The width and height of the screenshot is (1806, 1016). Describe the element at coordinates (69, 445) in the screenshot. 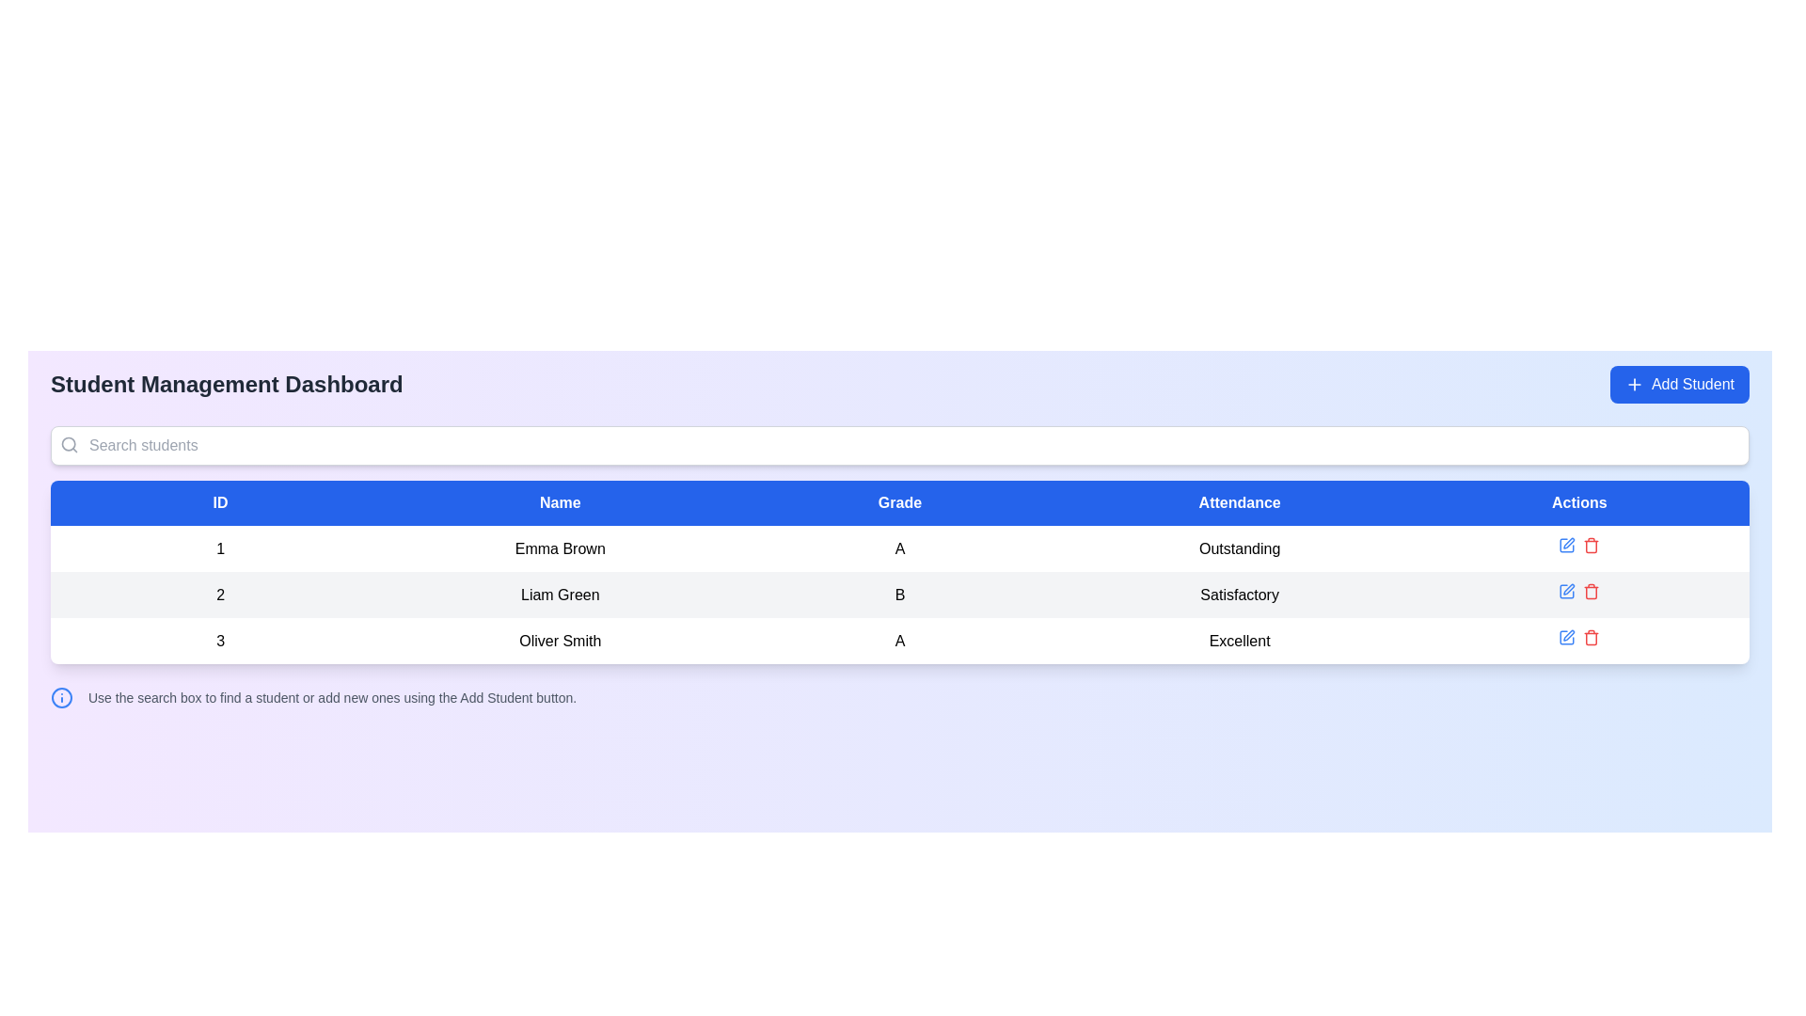

I see `the circular magnifying glass icon, which is gray and located at the left side of the search bar before the 'Search students.' placeholder text` at that location.